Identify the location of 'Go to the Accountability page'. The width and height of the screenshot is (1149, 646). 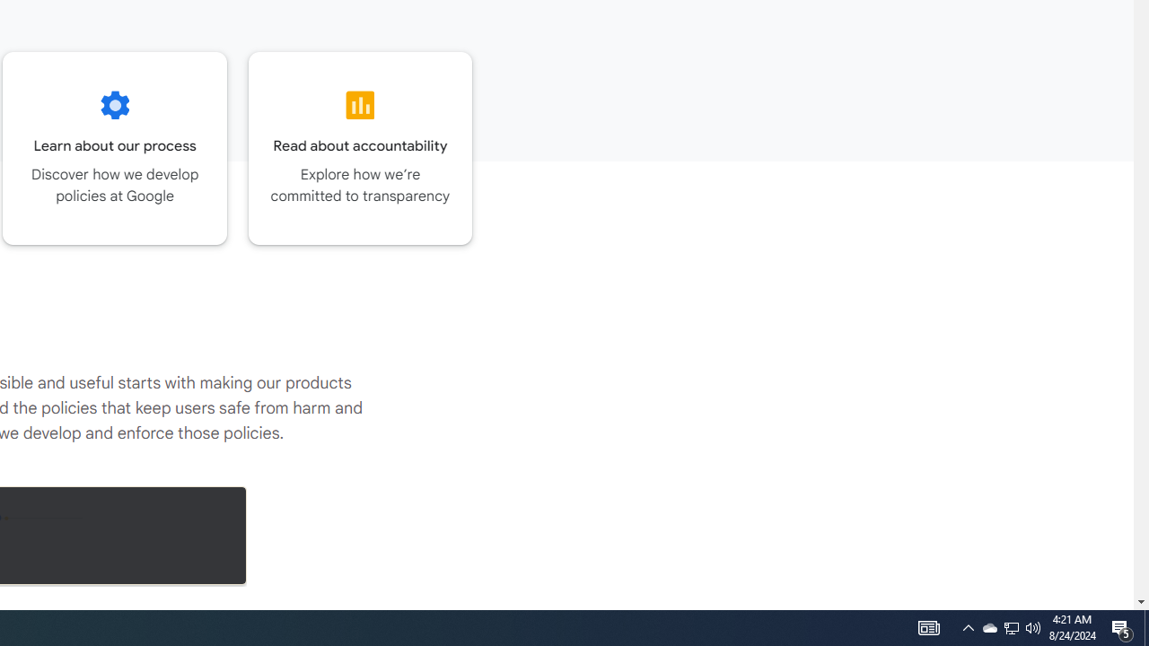
(359, 147).